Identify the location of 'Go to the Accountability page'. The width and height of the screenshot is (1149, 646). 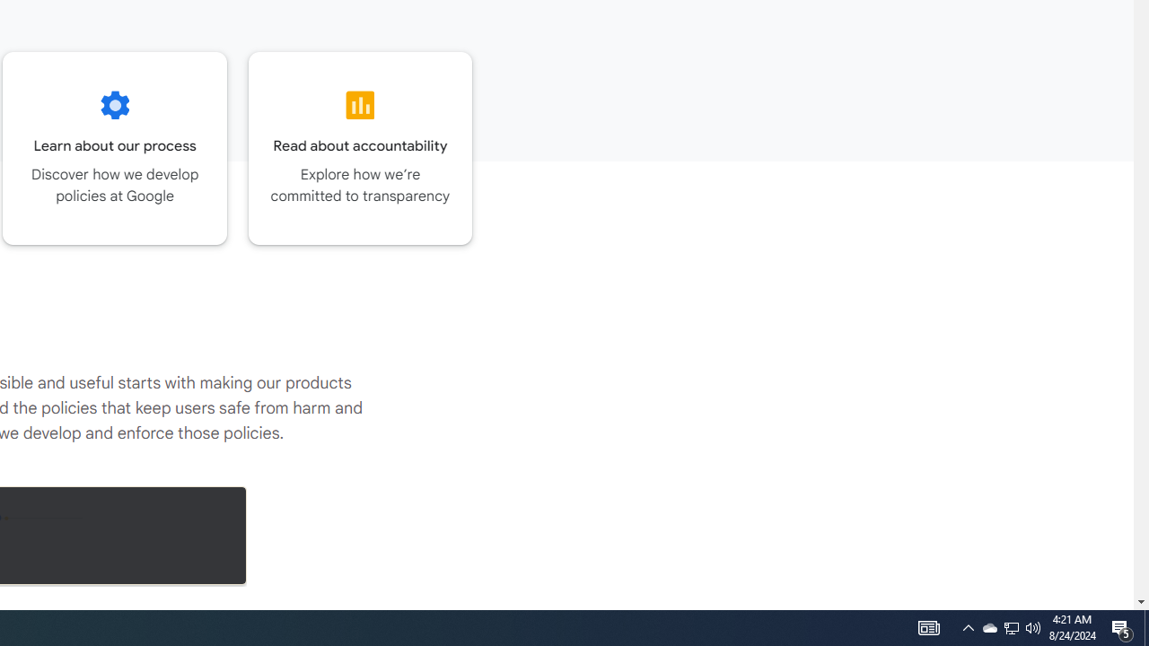
(359, 147).